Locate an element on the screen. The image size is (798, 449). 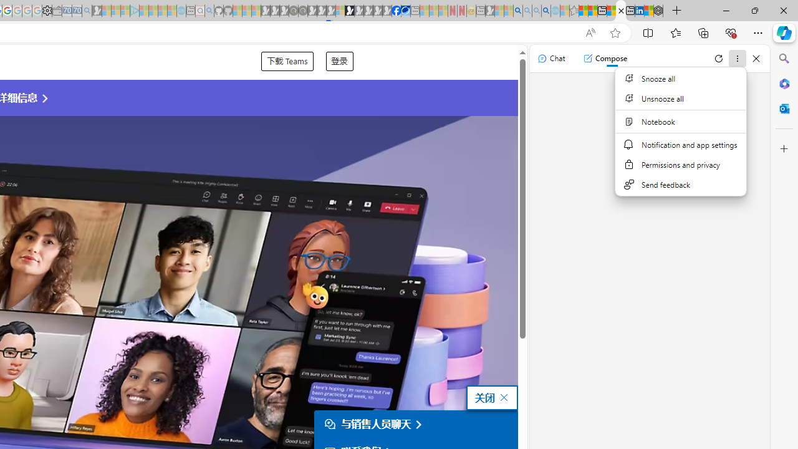
'Favorites - Sleeping' is located at coordinates (573, 11).